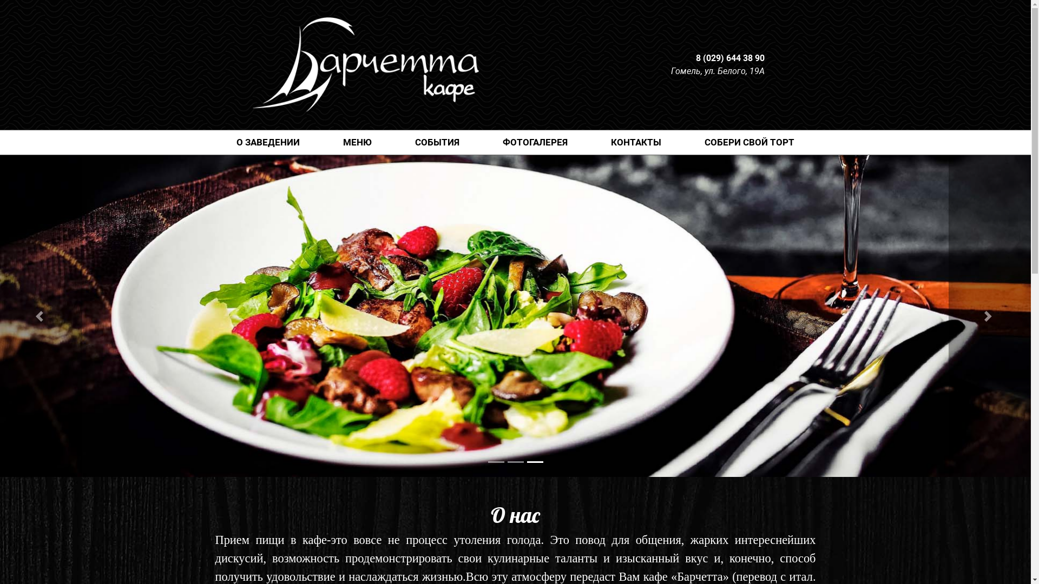  Describe the element at coordinates (696, 58) in the screenshot. I see `'8 (029) 644 38 90'` at that location.